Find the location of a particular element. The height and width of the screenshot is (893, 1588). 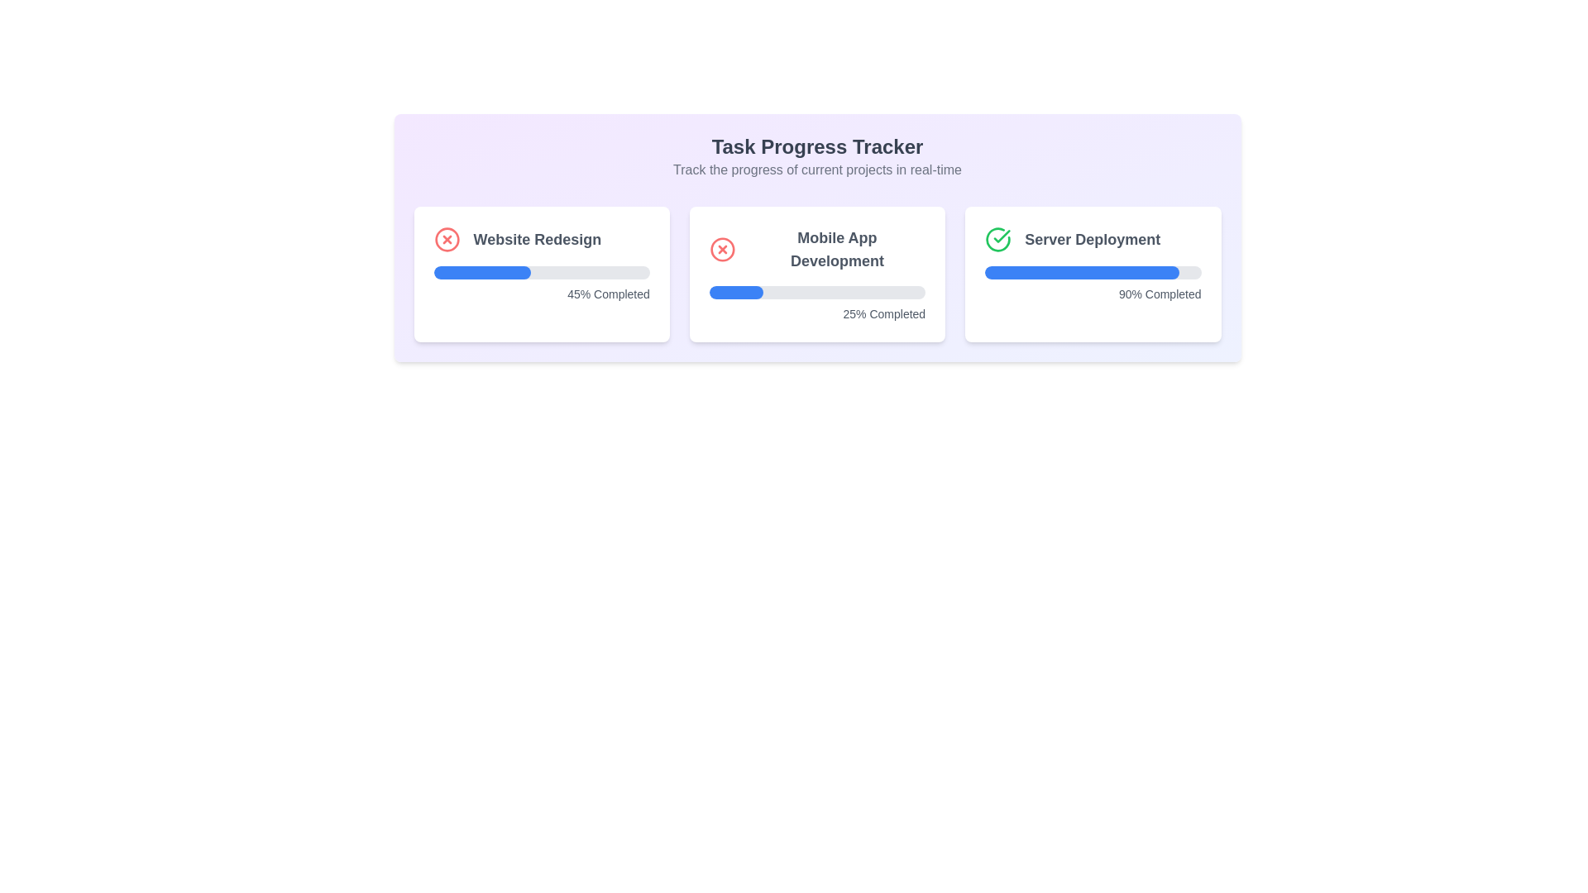

the progress bar located in the 'Mobile App Development' card, which has a gray background and a blue section indicating 25% progress is located at coordinates (817, 292).